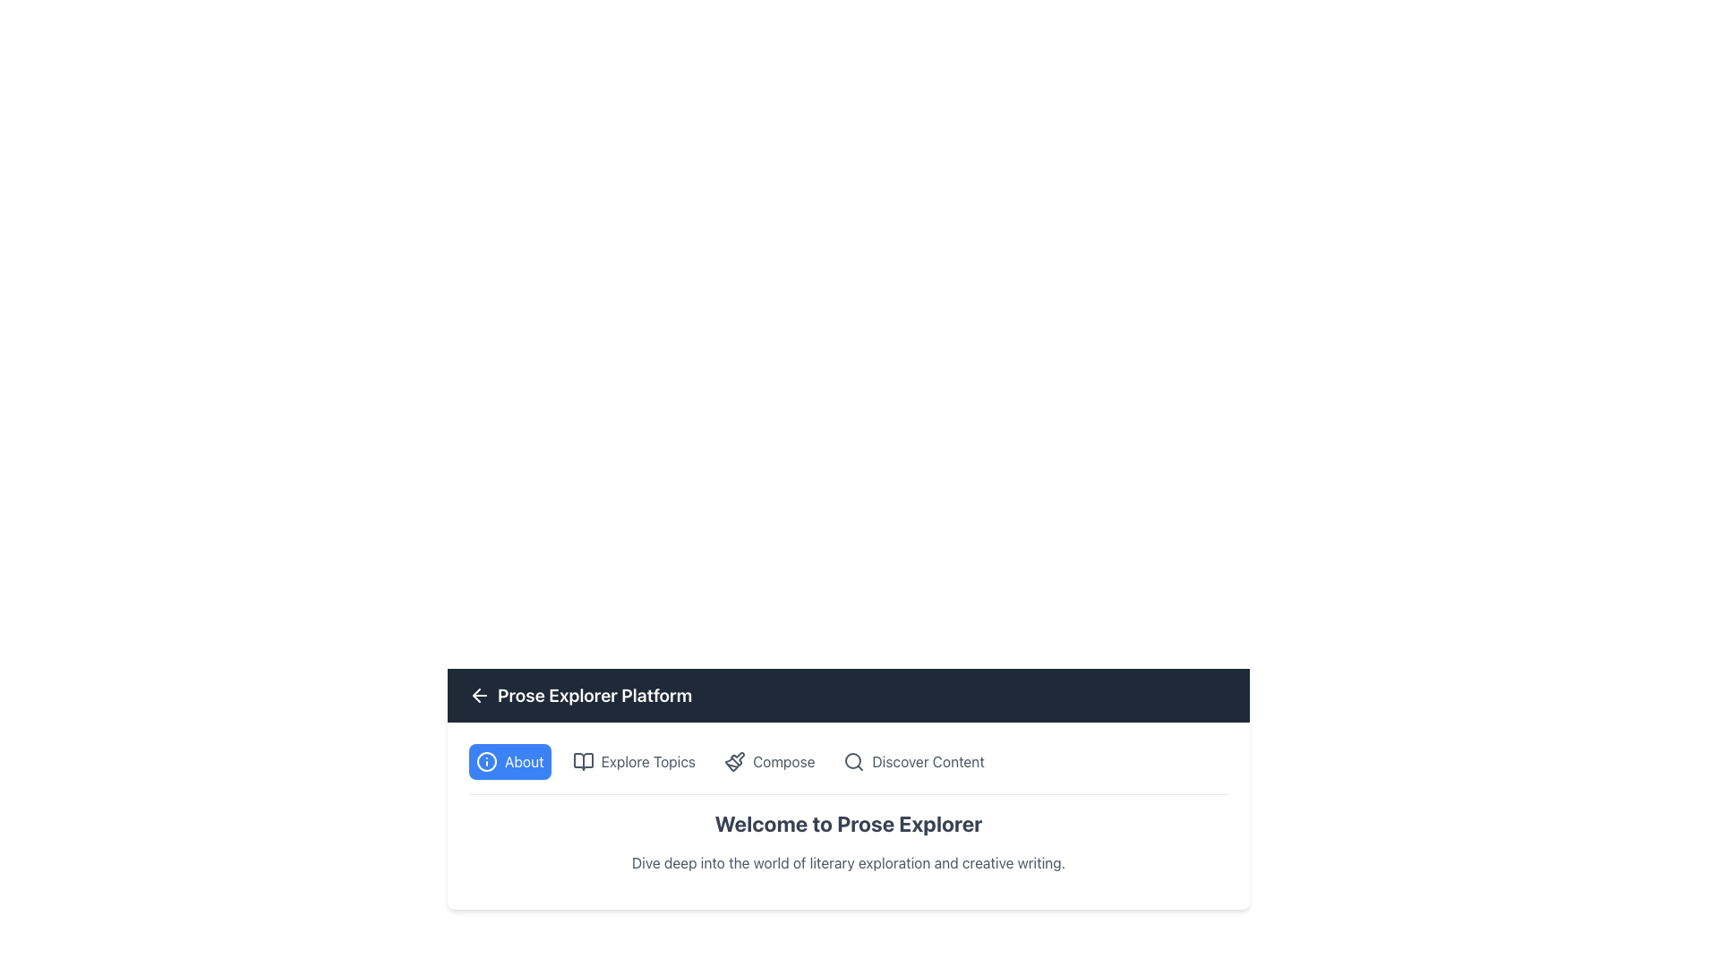 Image resolution: width=1719 pixels, height=967 pixels. What do you see at coordinates (853, 762) in the screenshot?
I see `the magnifying glass icon located to the left of the 'Discover Content' label in the navigation bar to initiate a search` at bounding box center [853, 762].